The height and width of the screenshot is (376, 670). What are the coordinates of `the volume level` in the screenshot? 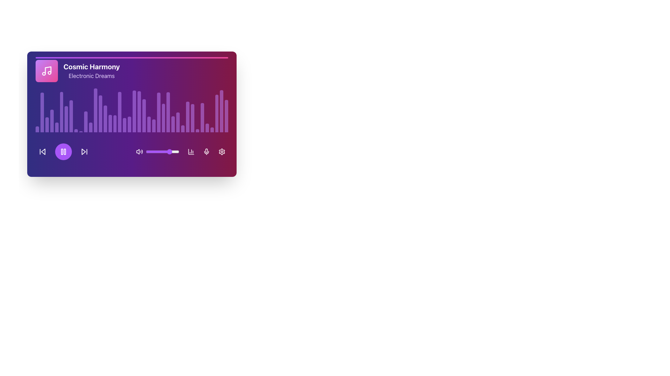 It's located at (177, 151).